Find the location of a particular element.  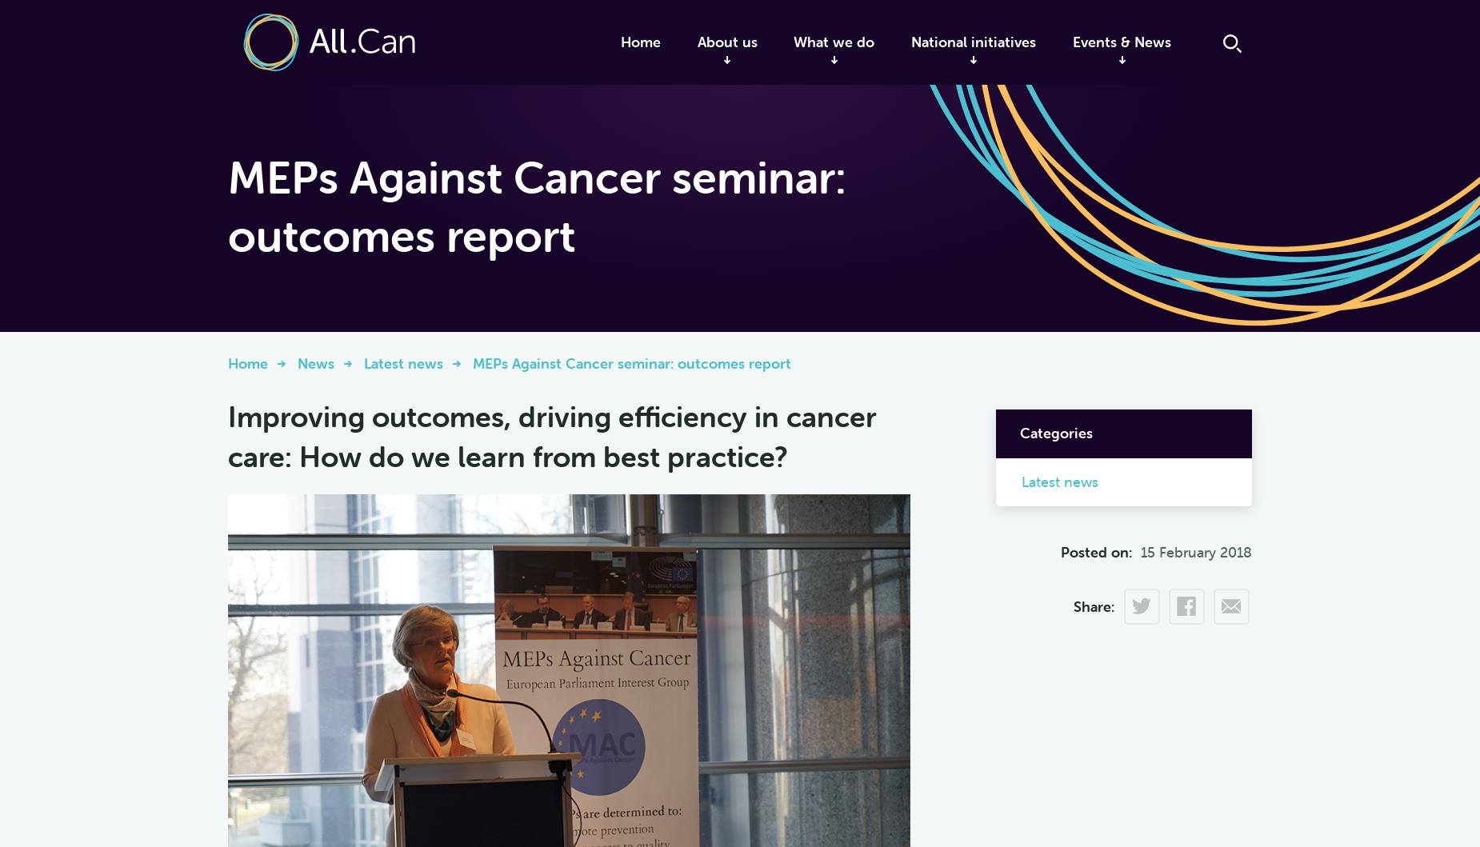

'Posted on:' is located at coordinates (1098, 552).